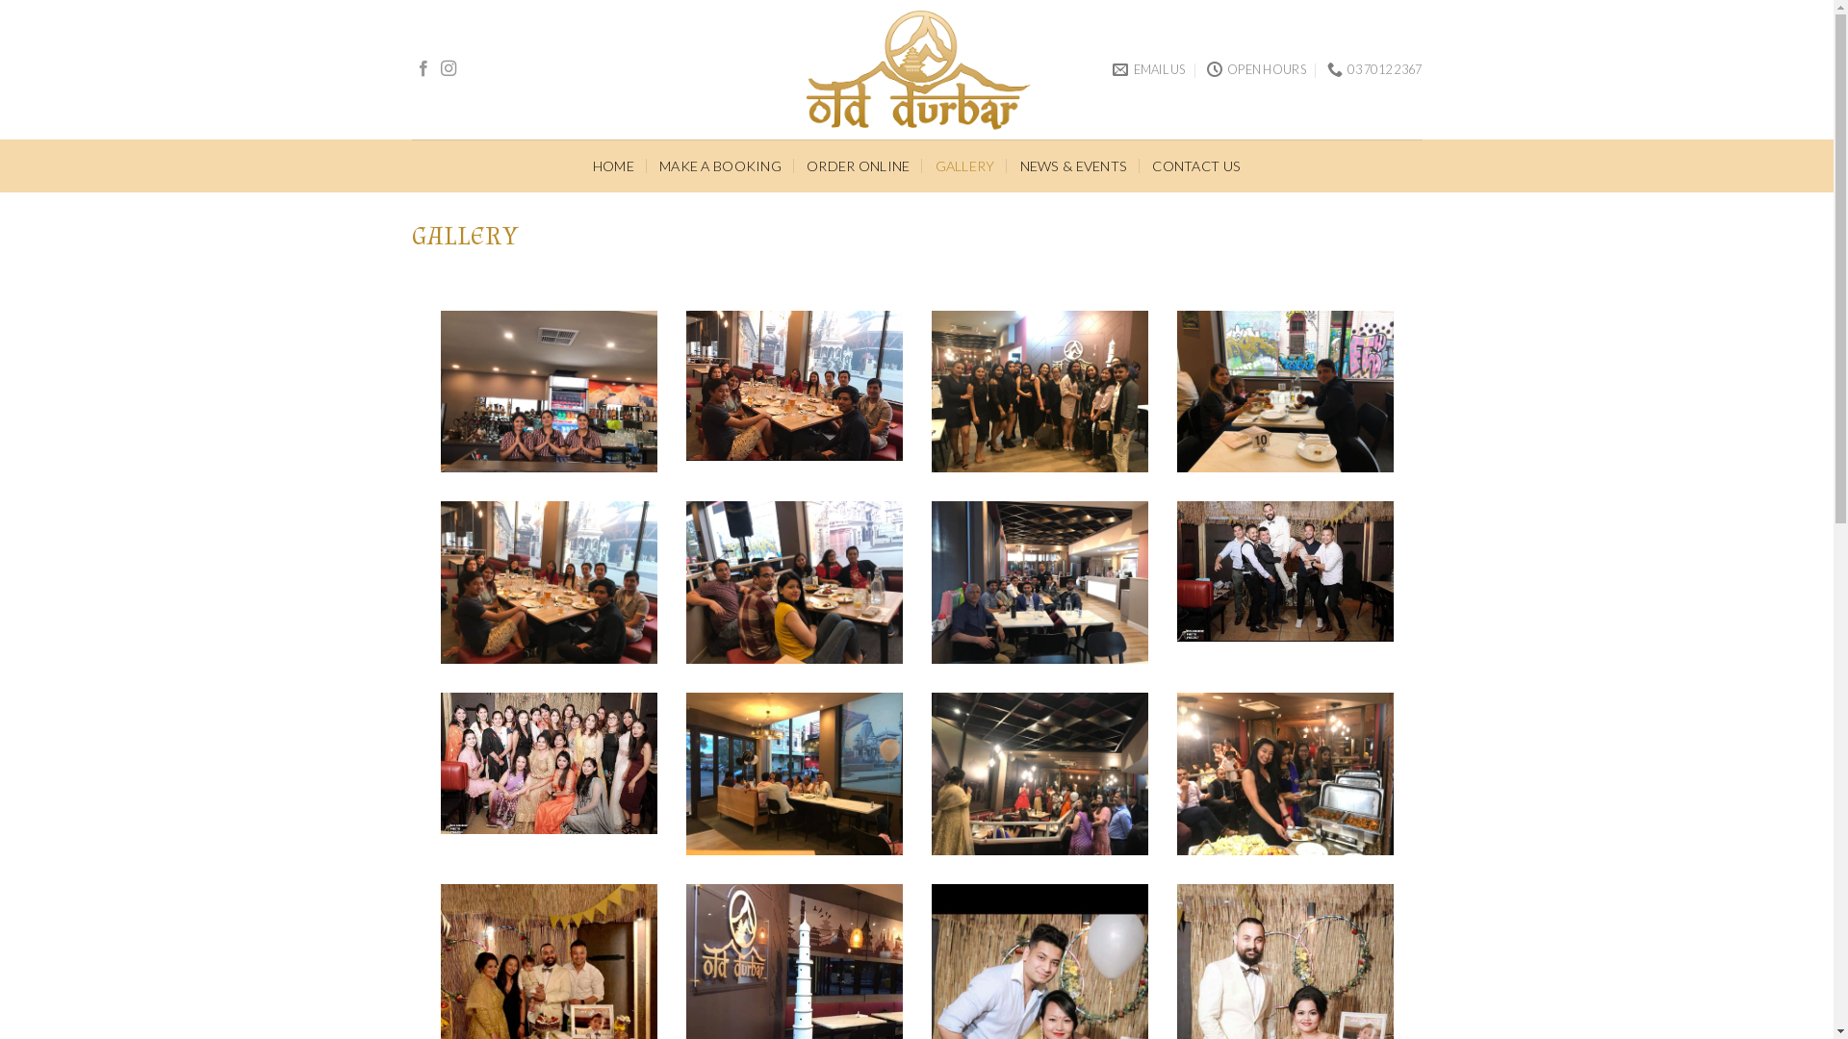  Describe the element at coordinates (915, 68) in the screenshot. I see `'Old Durbar Restaurant - Indian Restaurant in Brunswick'` at that location.